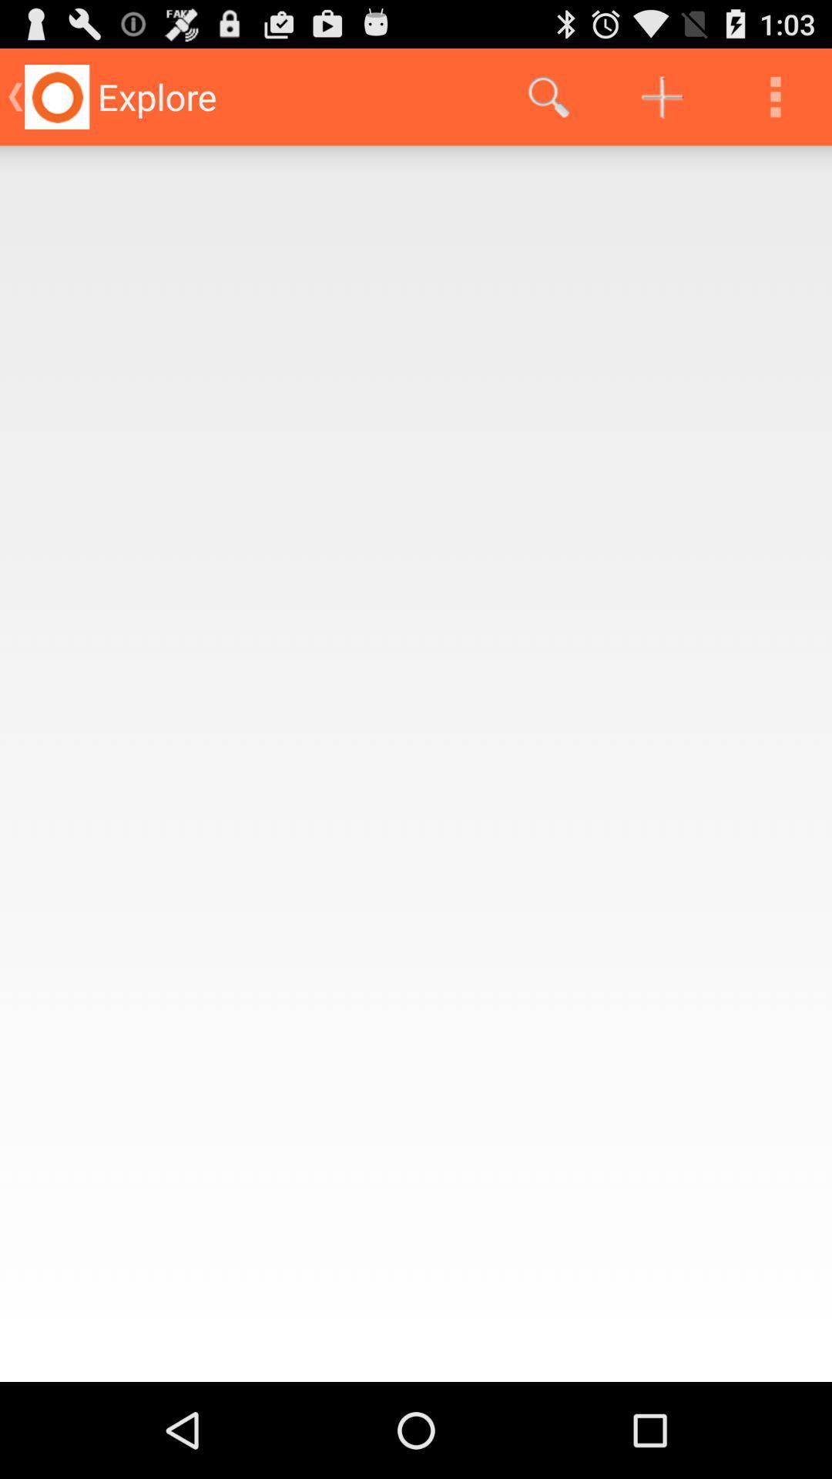 The width and height of the screenshot is (832, 1479). I want to click on the item next to explore item, so click(548, 96).